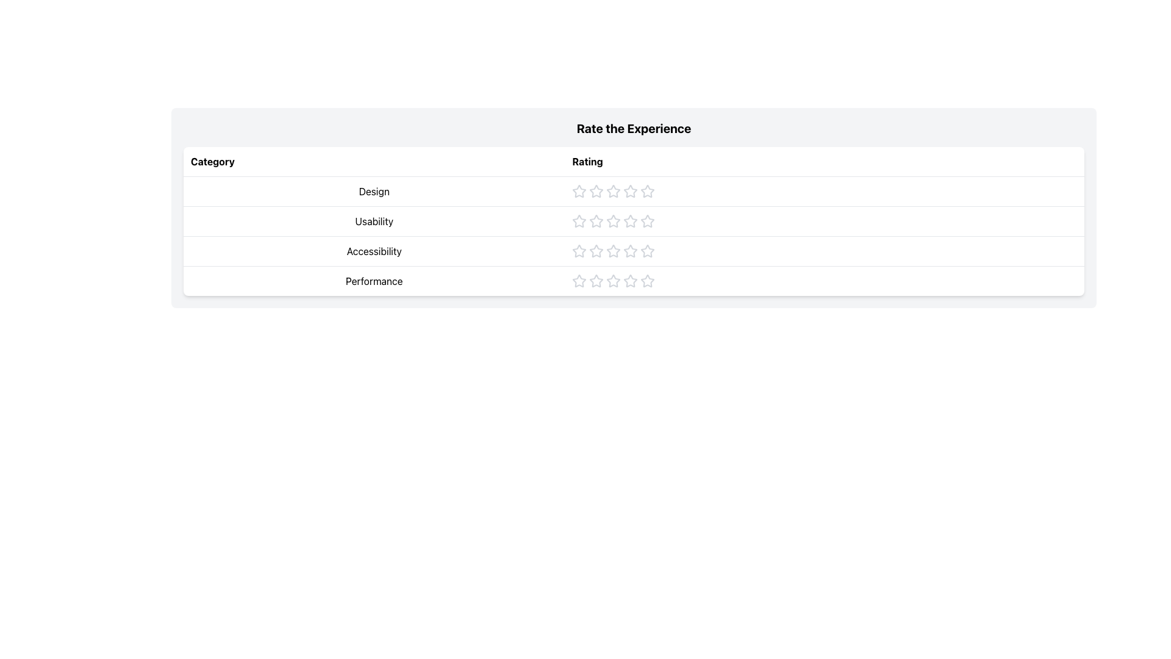  What do you see at coordinates (630, 221) in the screenshot?
I see `the fourth star icon in the 'Usability' category under the 'Rate the Experience' section` at bounding box center [630, 221].